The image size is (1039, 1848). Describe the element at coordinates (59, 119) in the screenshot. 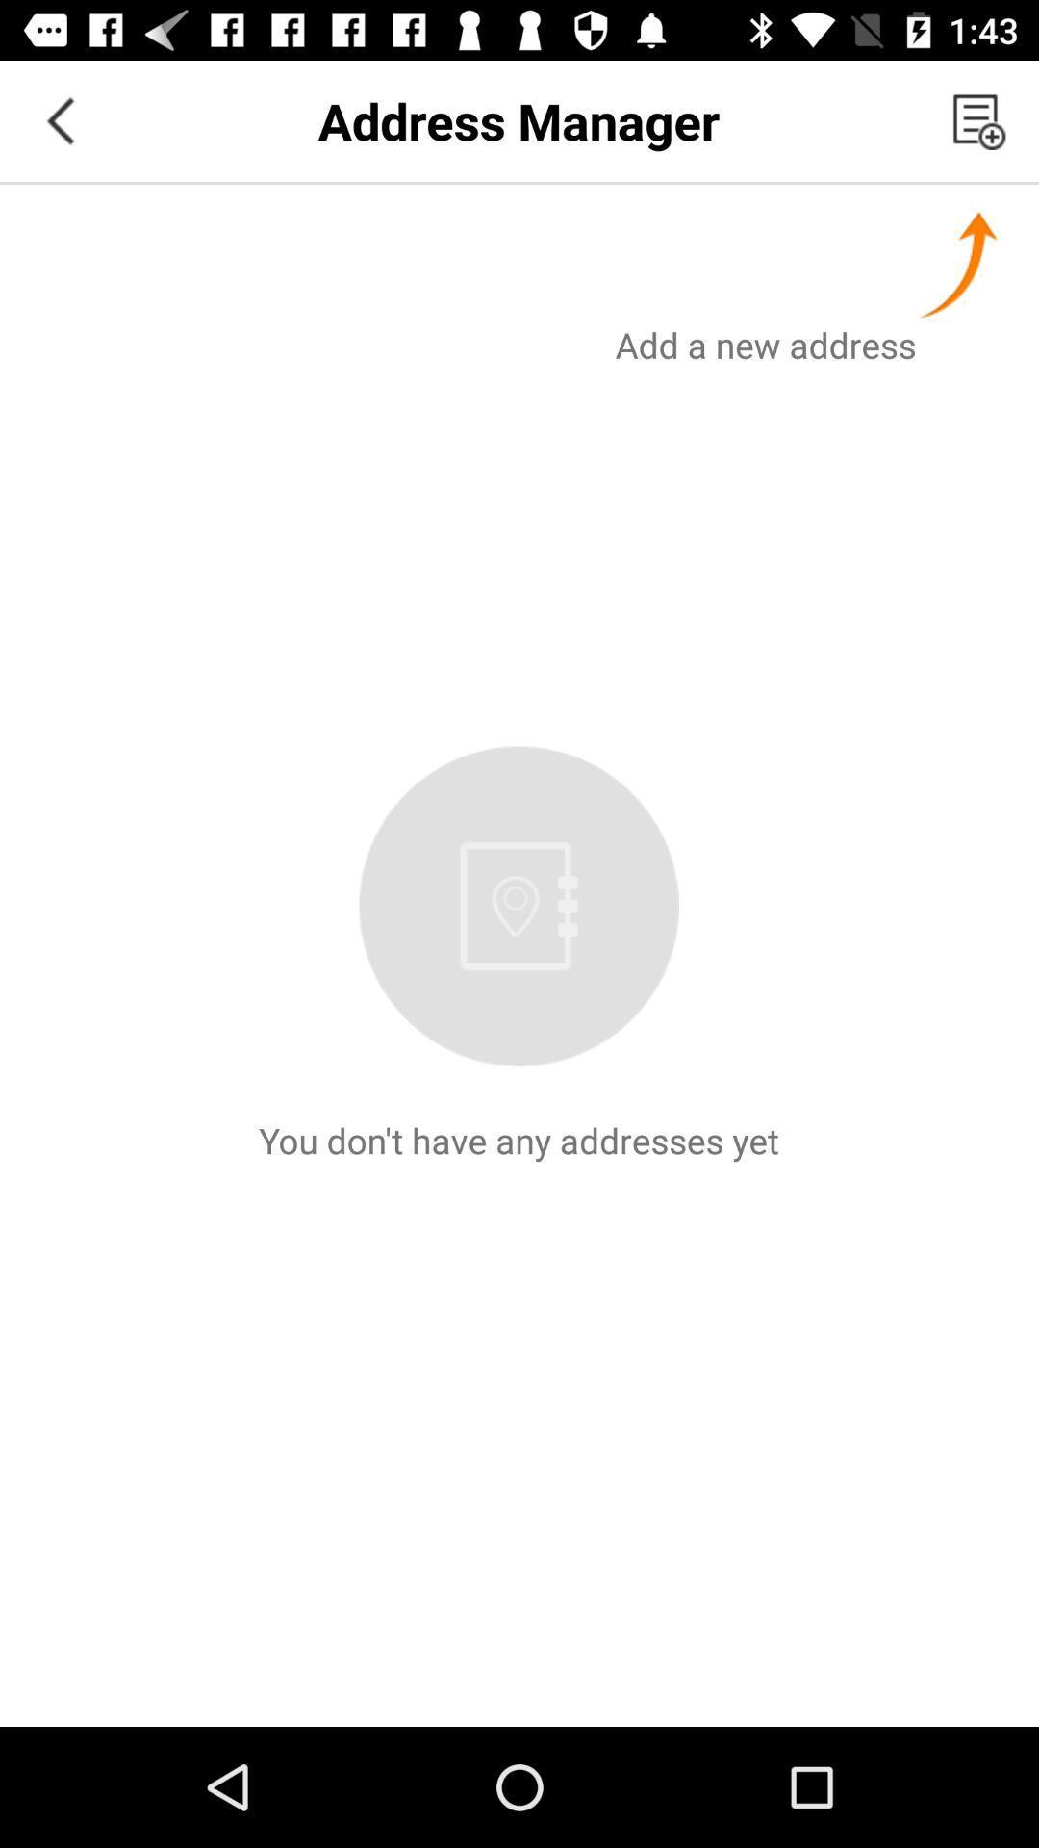

I see `icon at the top left corner` at that location.